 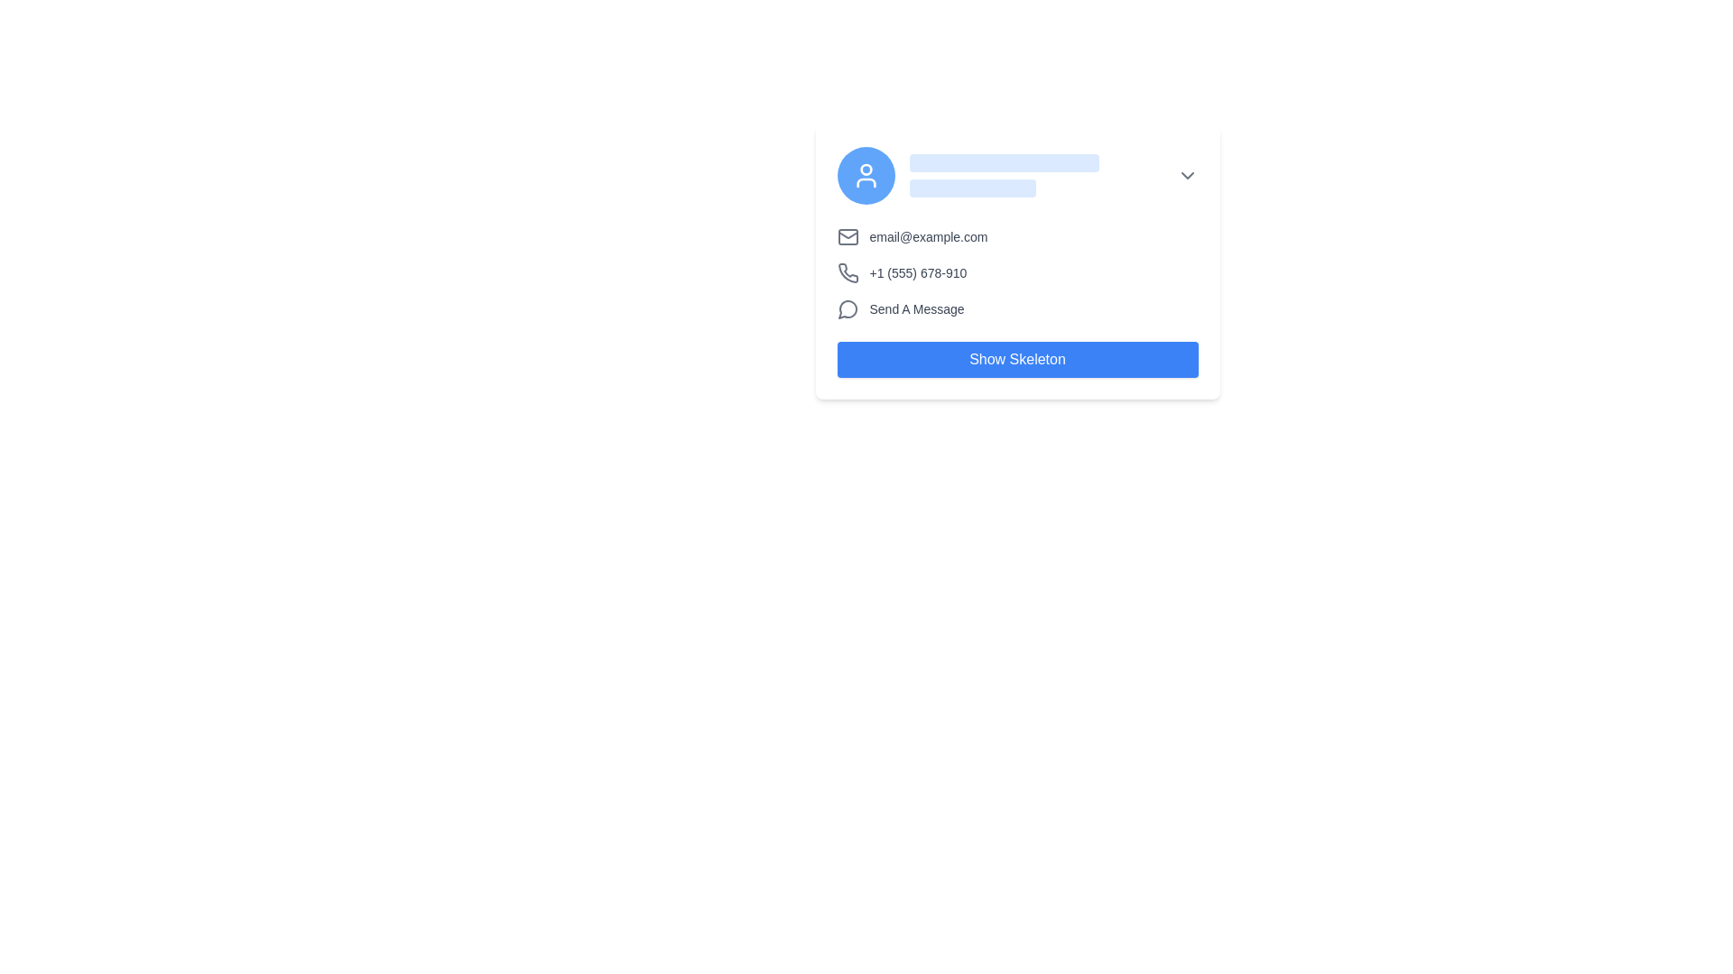 What do you see at coordinates (847, 308) in the screenshot?
I see `the message sending icon located to the left of the text label in the 'Send A Message' section` at bounding box center [847, 308].